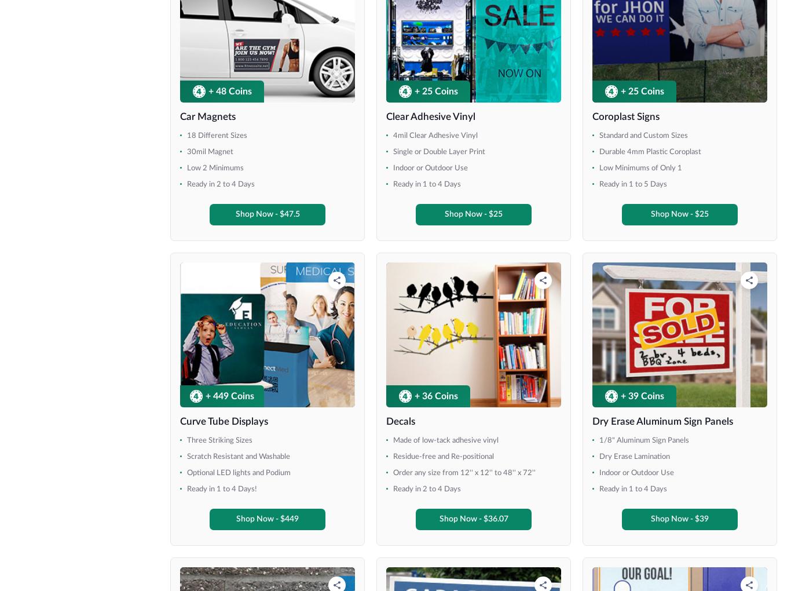 This screenshot has height=591, width=791. What do you see at coordinates (495, 319) in the screenshot?
I see `'Design Templates'` at bounding box center [495, 319].